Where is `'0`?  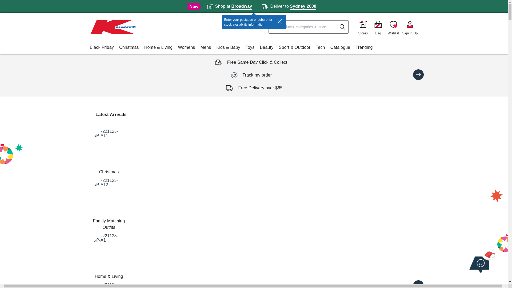 '0 is located at coordinates (378, 27).